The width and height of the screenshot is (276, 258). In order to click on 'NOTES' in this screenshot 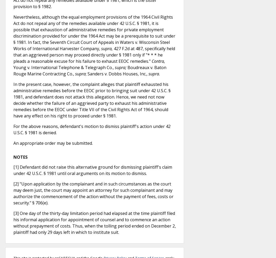, I will do `click(21, 157)`.